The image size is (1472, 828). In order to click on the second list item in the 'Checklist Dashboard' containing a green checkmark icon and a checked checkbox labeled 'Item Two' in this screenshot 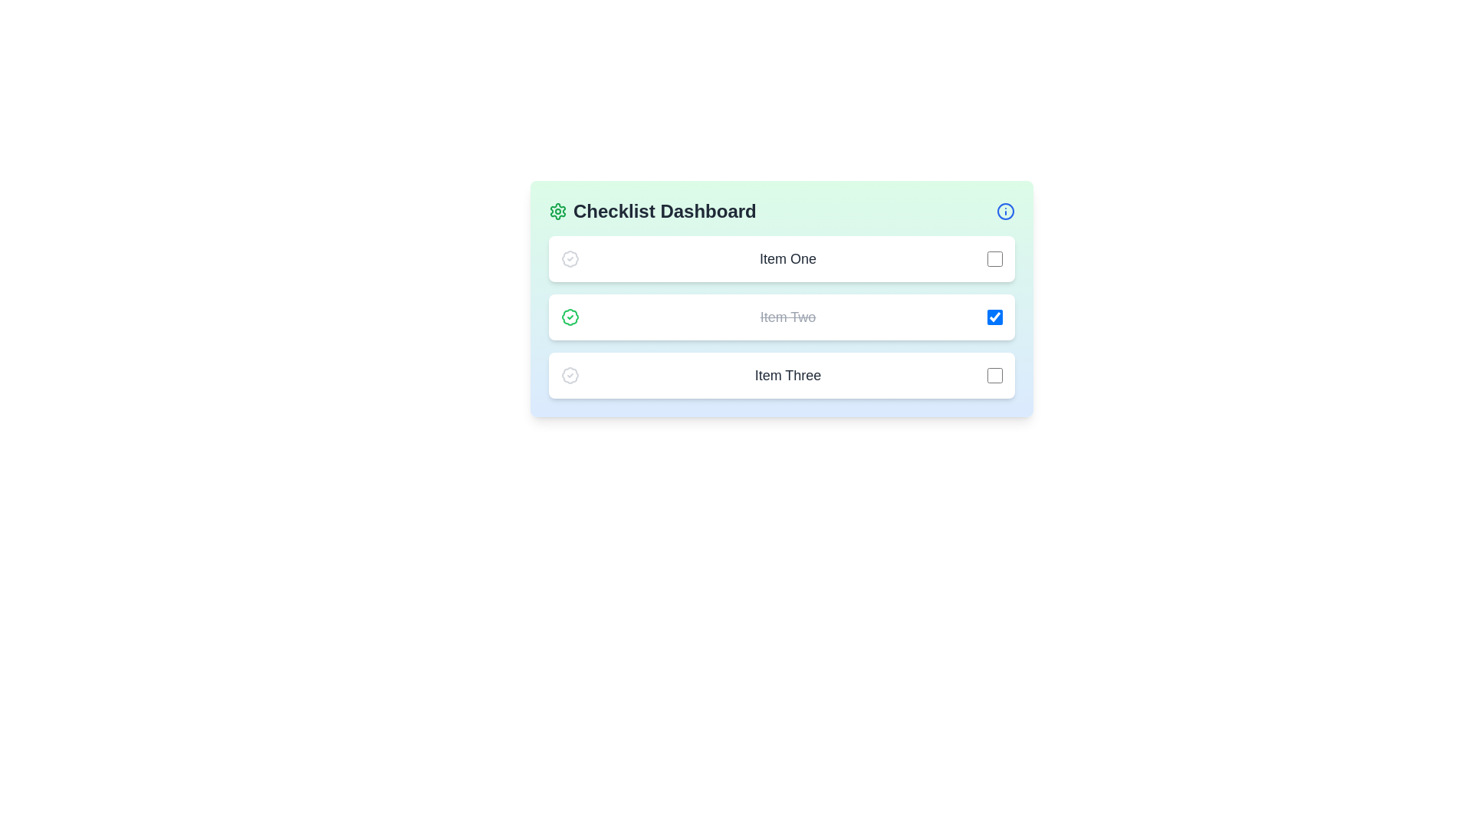, I will do `click(781, 316)`.